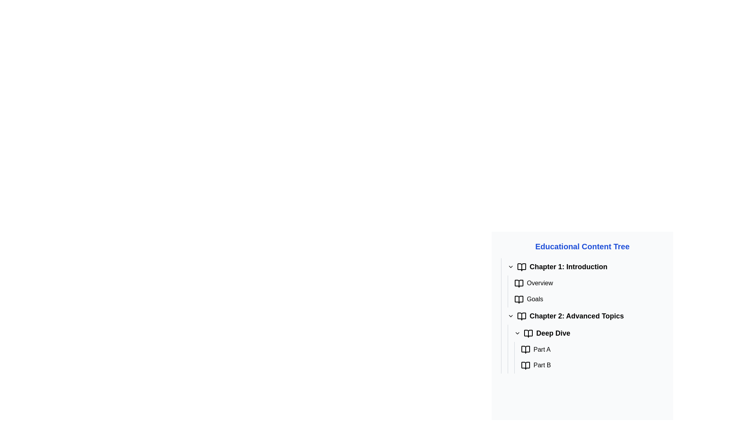 The image size is (751, 422). I want to click on the static text element displaying the title 'Chapter 2: Advanced Topics', so click(570, 315).